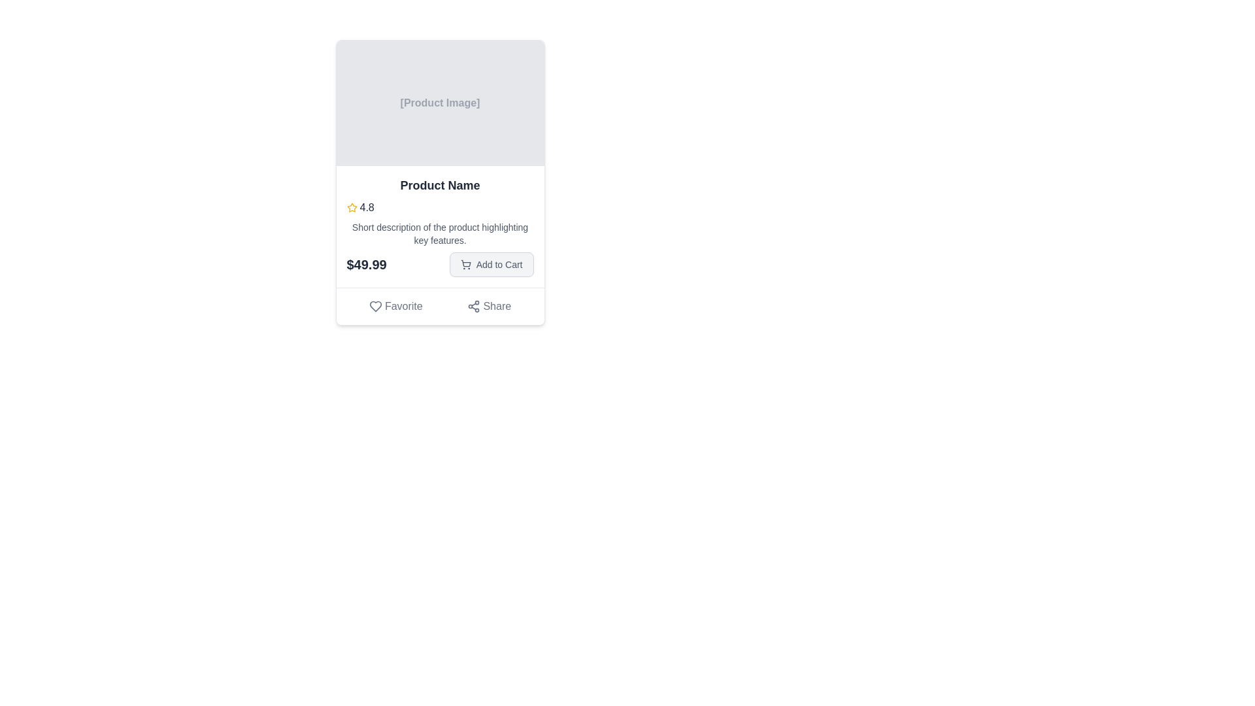  What do you see at coordinates (440, 186) in the screenshot?
I see `bold text displaying 'Product Name' in dark gray color, positioned prominently within the product card, located directly below the product image placeholder` at bounding box center [440, 186].